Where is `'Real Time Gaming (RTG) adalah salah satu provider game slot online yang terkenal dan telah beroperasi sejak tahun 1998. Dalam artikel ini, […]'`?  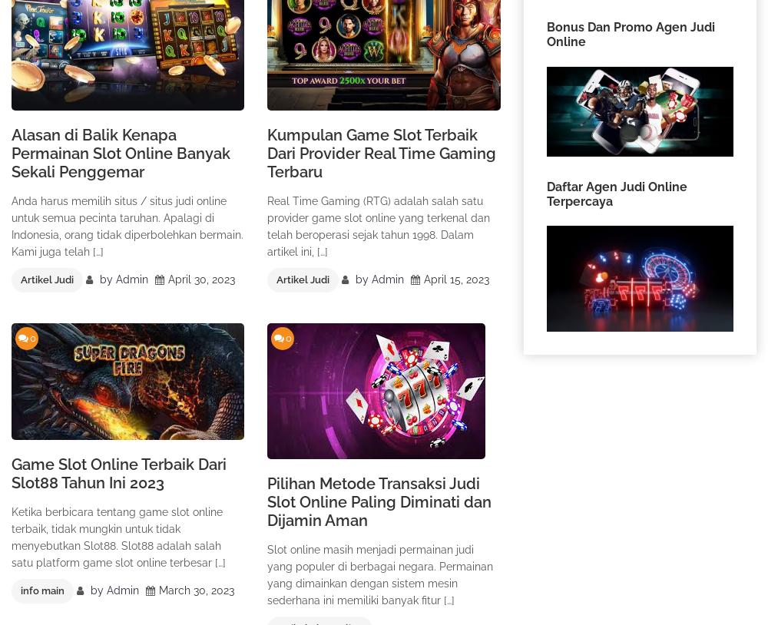
'Real Time Gaming (RTG) adalah salah satu provider game slot online yang terkenal dan telah beroperasi sejak tahun 1998. Dalam artikel ini, […]' is located at coordinates (378, 226).